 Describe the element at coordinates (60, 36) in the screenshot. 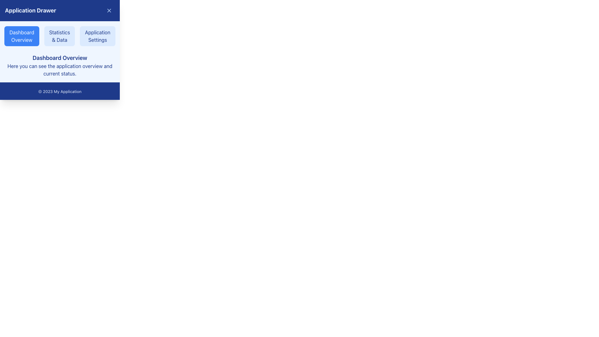

I see `the second button in a horizontal group of three that navigates to statistics and data` at that location.